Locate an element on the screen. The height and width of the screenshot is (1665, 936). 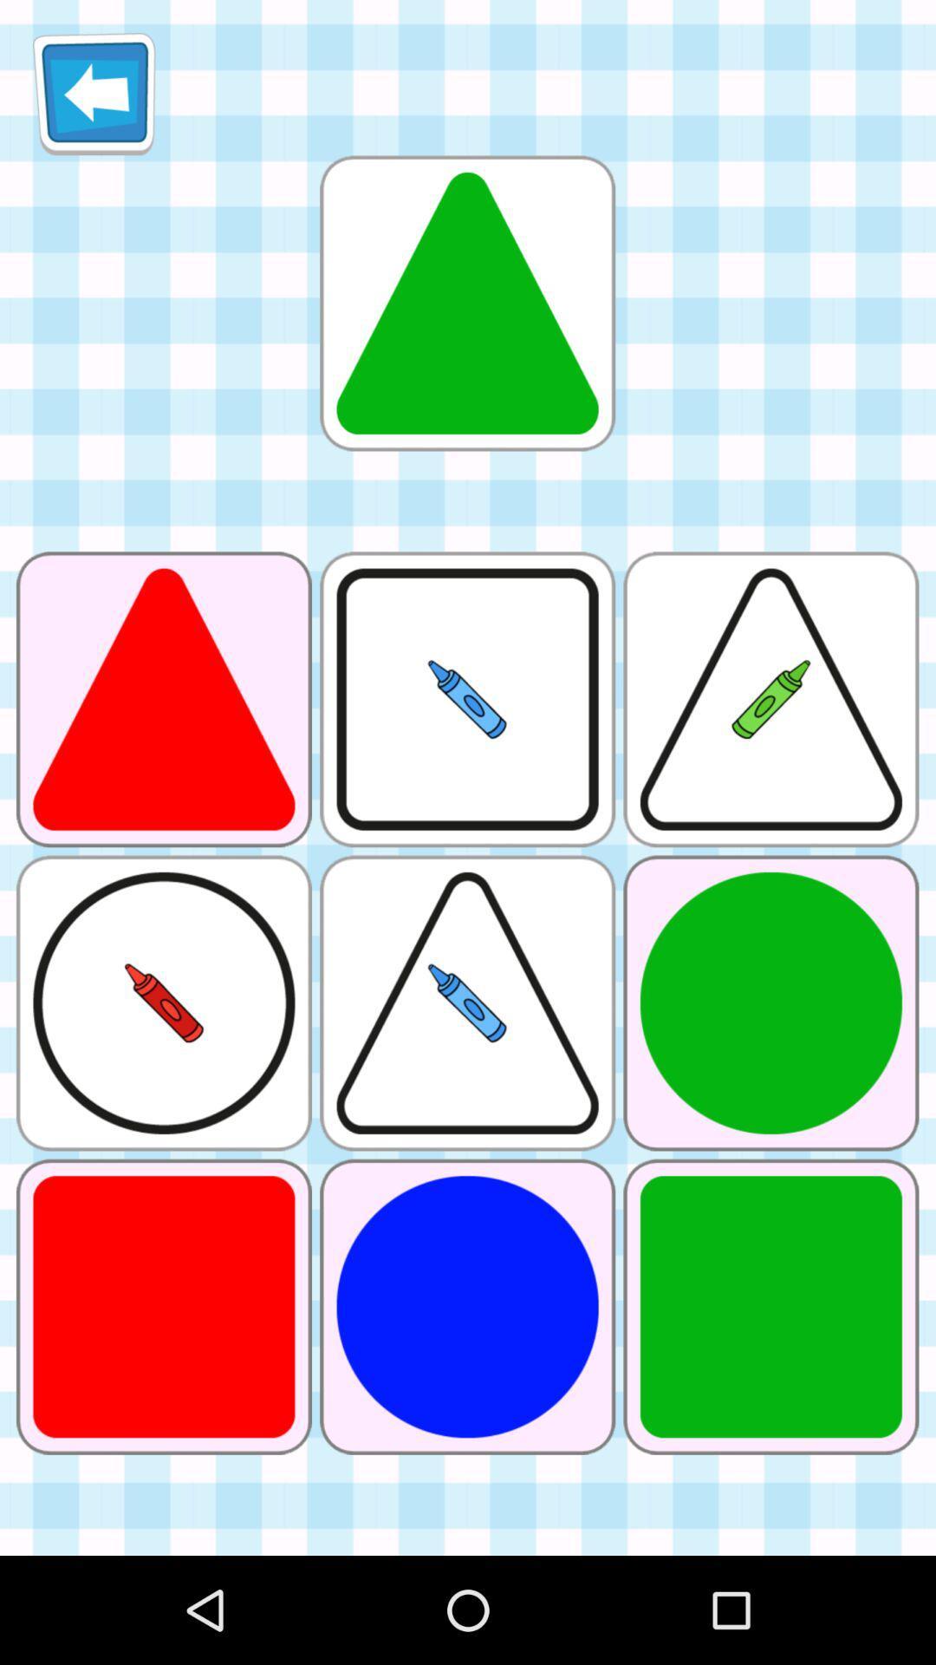
the arrow_backward icon is located at coordinates (94, 100).